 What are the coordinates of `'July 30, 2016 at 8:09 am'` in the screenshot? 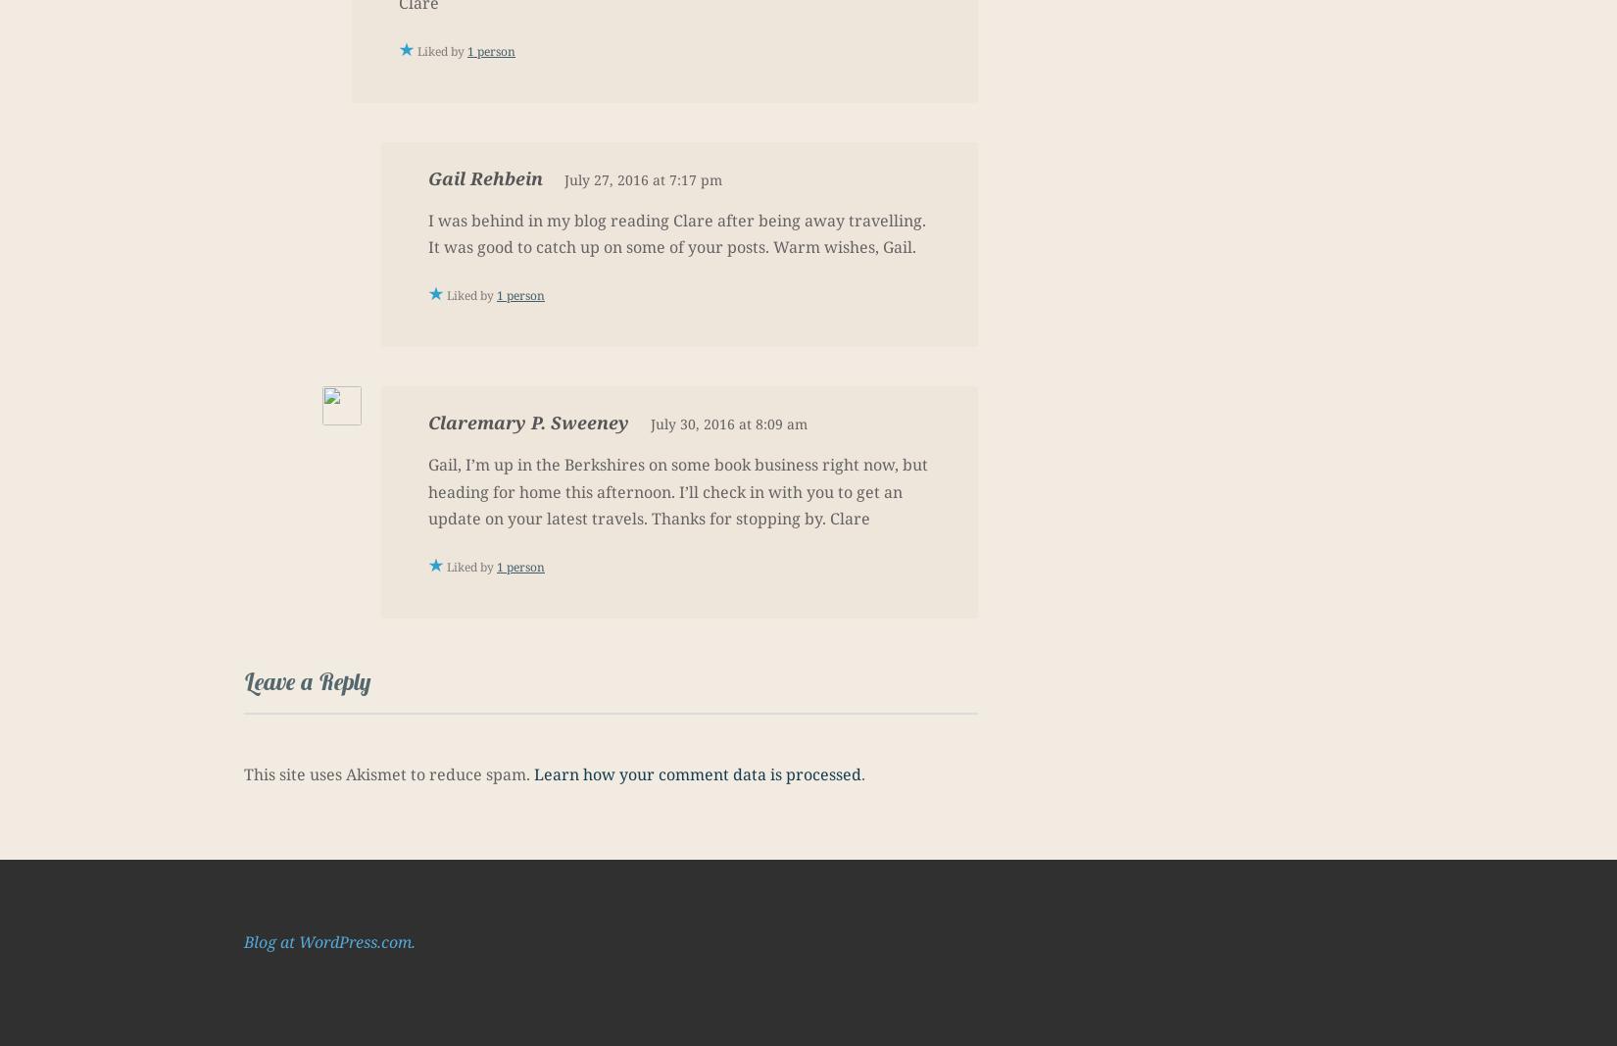 It's located at (727, 423).